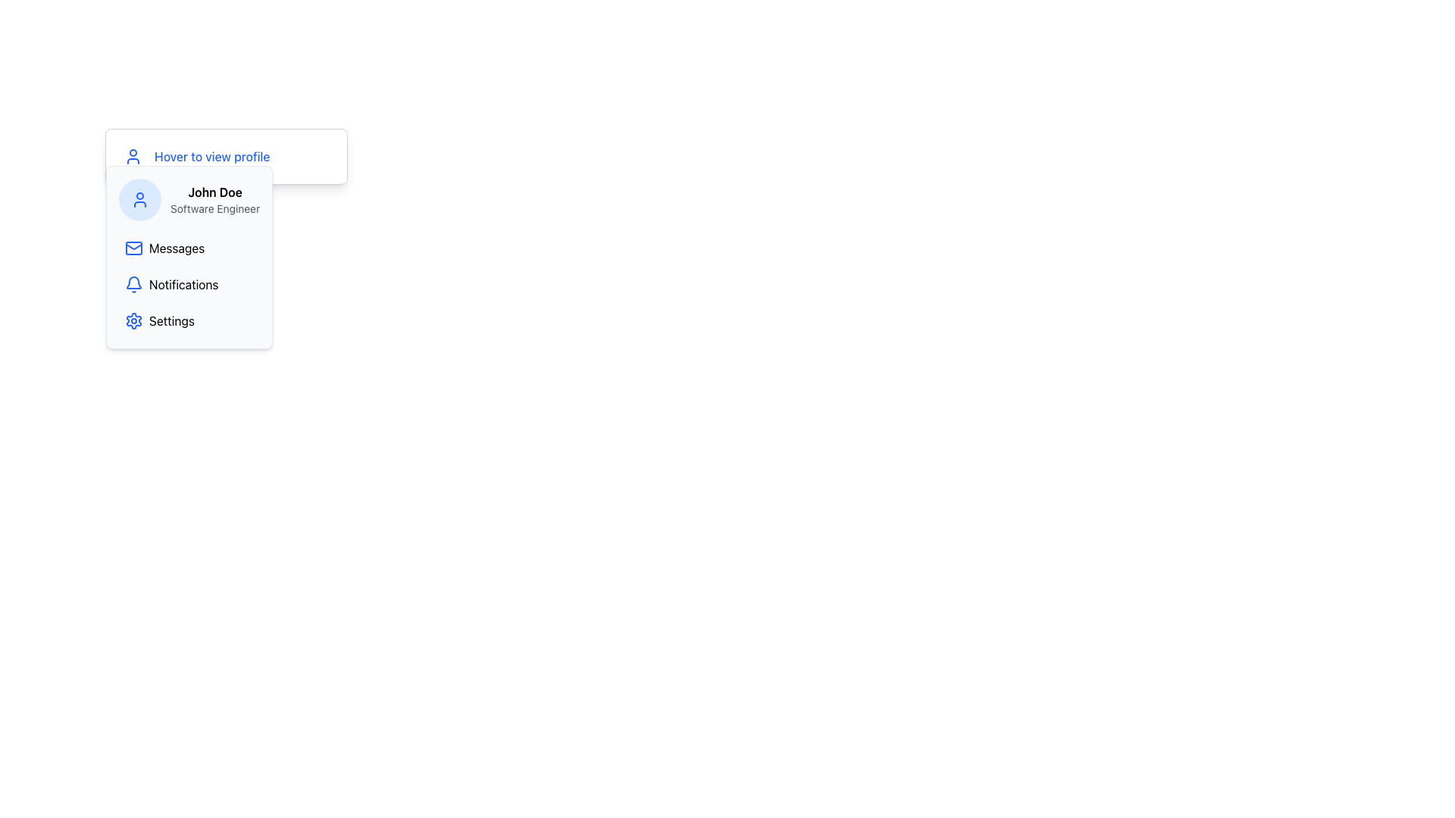 The image size is (1455, 818). Describe the element at coordinates (134, 320) in the screenshot. I see `the settings icon located in the popover menu, positioned to the left of the 'Settings' label text` at that location.